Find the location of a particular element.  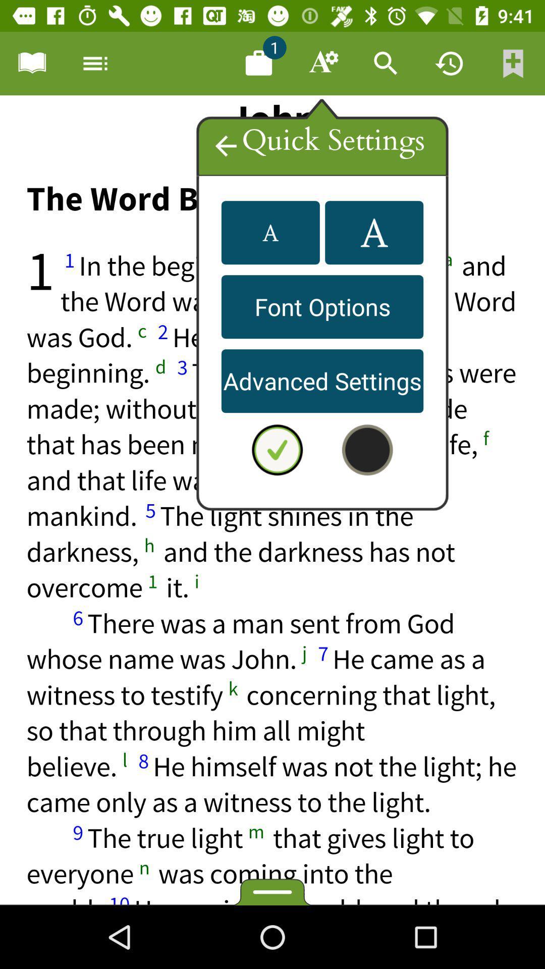

choose this is located at coordinates (272, 500).